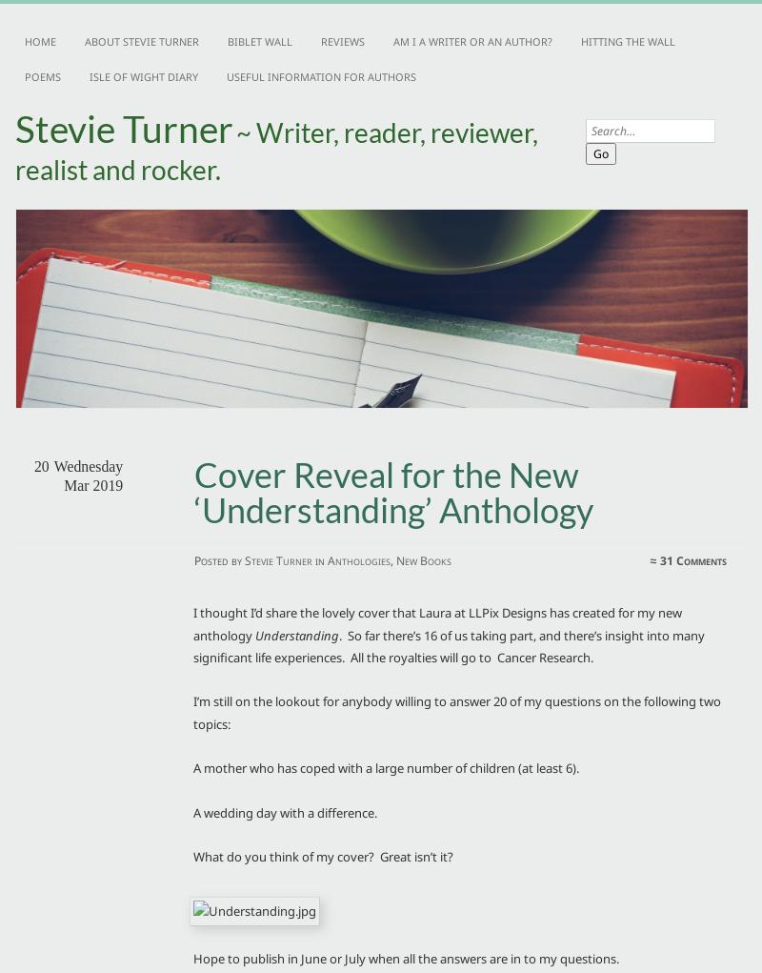 Image resolution: width=762 pixels, height=973 pixels. What do you see at coordinates (320, 559) in the screenshot?
I see `'in'` at bounding box center [320, 559].